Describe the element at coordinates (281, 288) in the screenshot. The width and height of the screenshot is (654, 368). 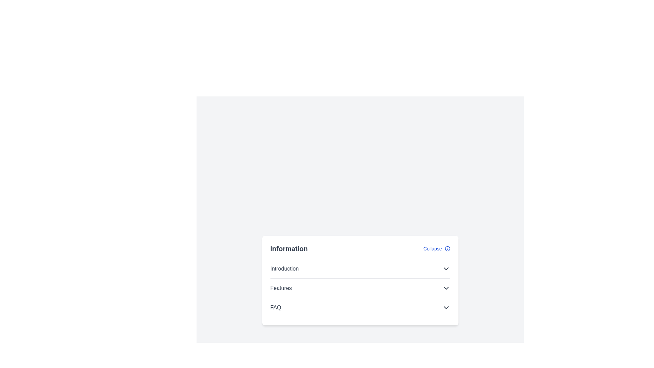
I see `the text label reading 'Features' which is the second item in a vertical list under the heading 'Information'` at that location.